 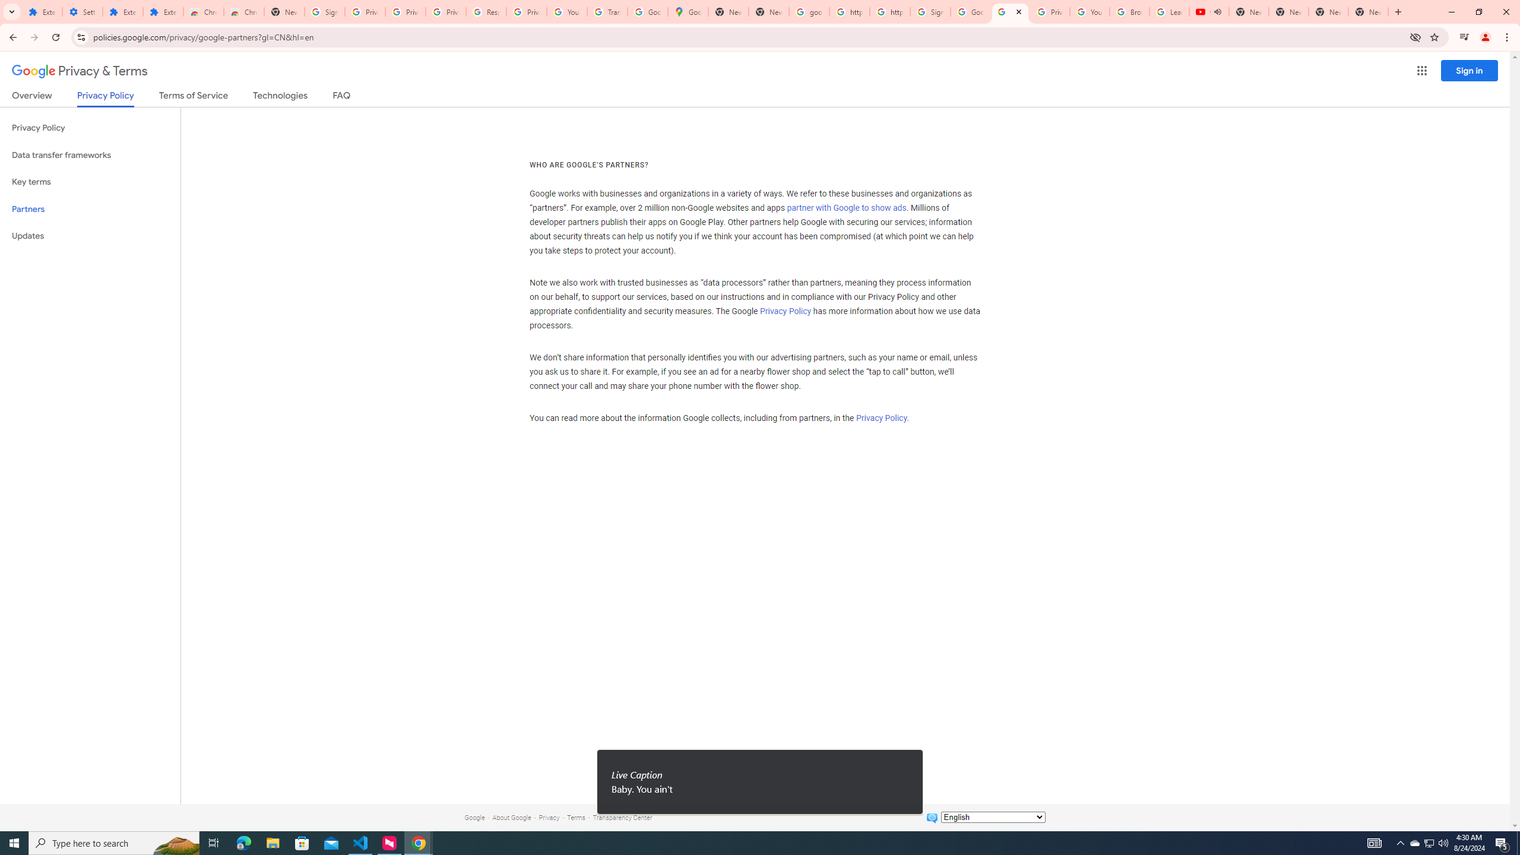 What do you see at coordinates (123, 11) in the screenshot?
I see `'Extensions'` at bounding box center [123, 11].